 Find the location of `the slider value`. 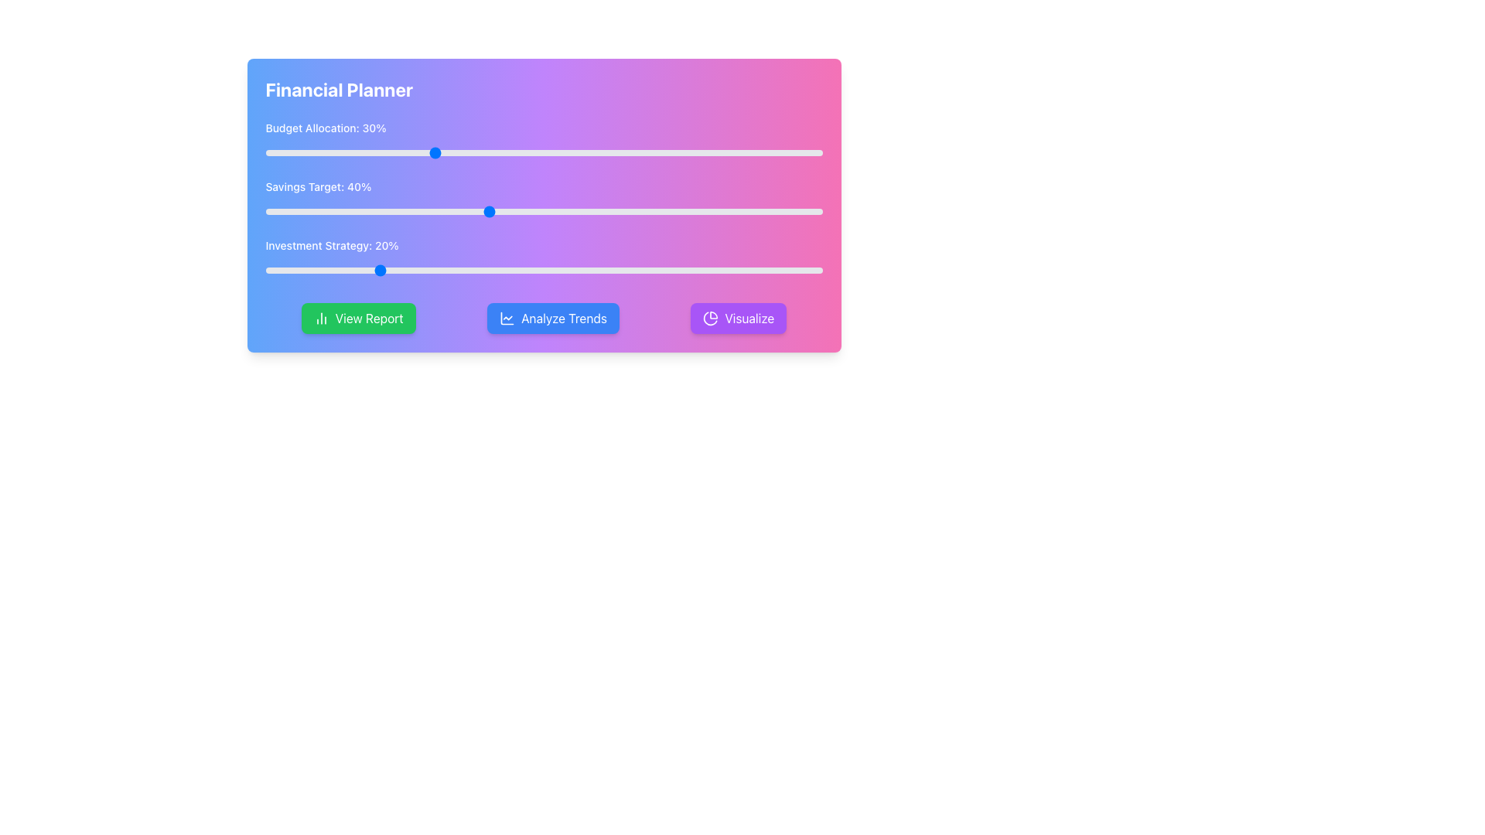

the slider value is located at coordinates (766, 152).